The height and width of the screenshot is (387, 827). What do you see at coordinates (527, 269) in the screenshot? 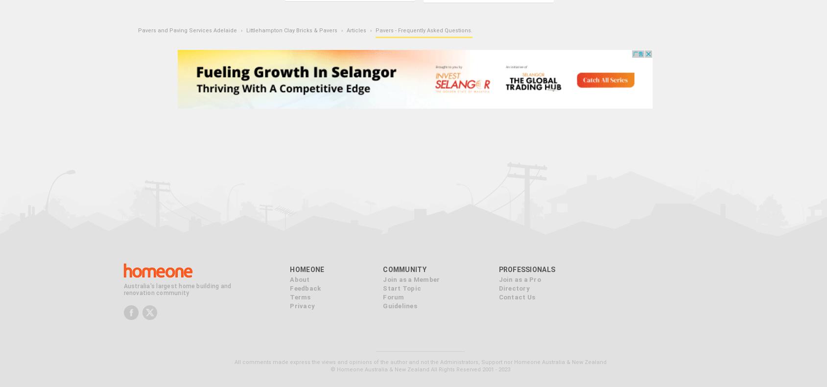
I see `'Professionals'` at bounding box center [527, 269].